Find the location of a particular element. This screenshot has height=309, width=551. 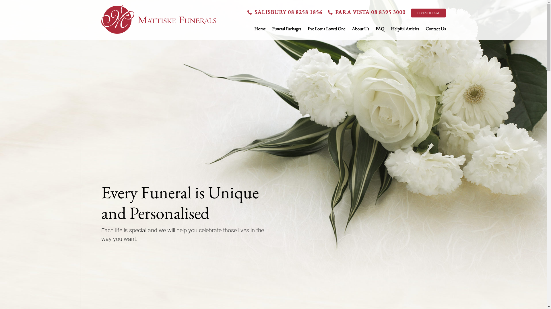

'About Us' is located at coordinates (351, 29).